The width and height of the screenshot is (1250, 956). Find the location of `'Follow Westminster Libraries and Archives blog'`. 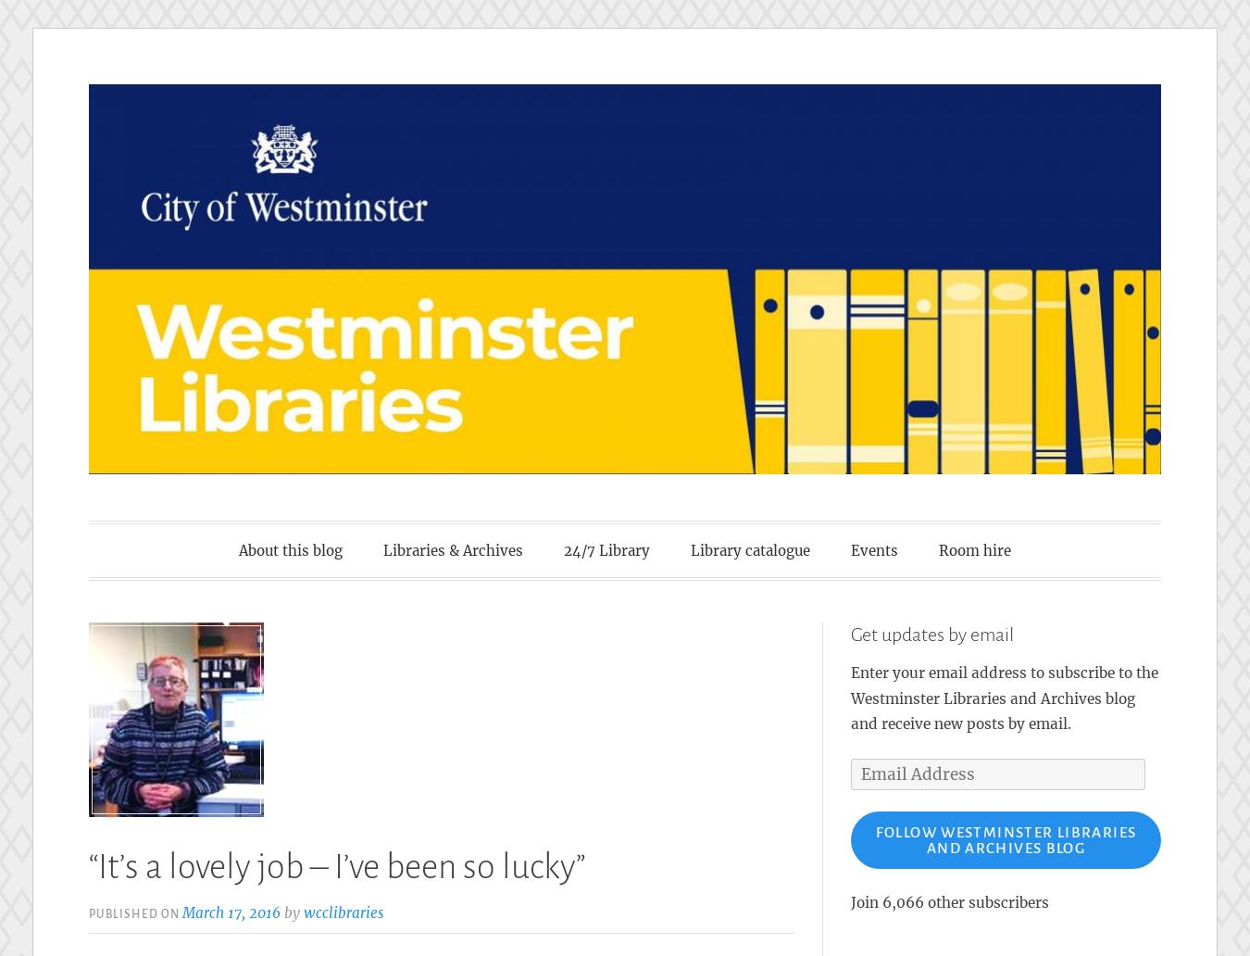

'Follow Westminster Libraries and Archives blog' is located at coordinates (1005, 838).